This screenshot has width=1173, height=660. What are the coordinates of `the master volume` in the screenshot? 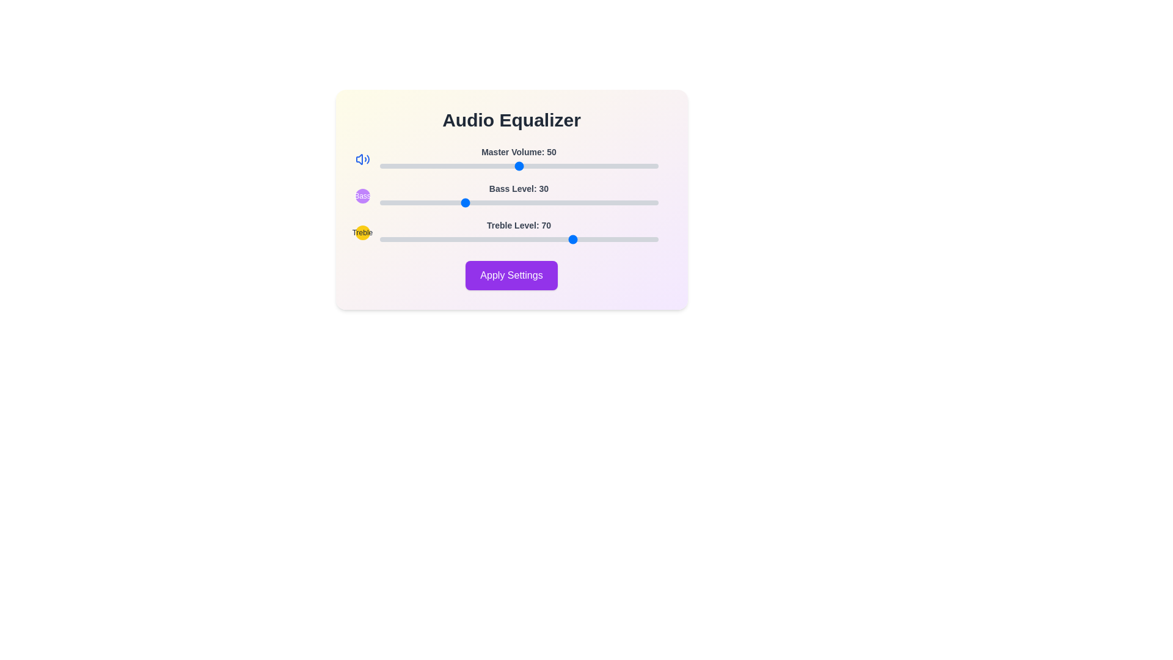 It's located at (457, 166).